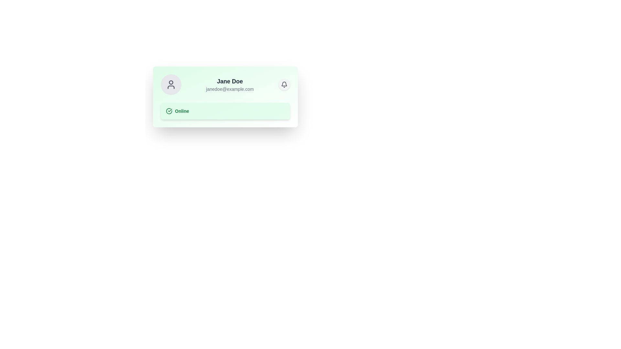  I want to click on the user profile icon located in the upper-left section of the user information card, which serves as a visual representation of the user's identity, so click(171, 84).